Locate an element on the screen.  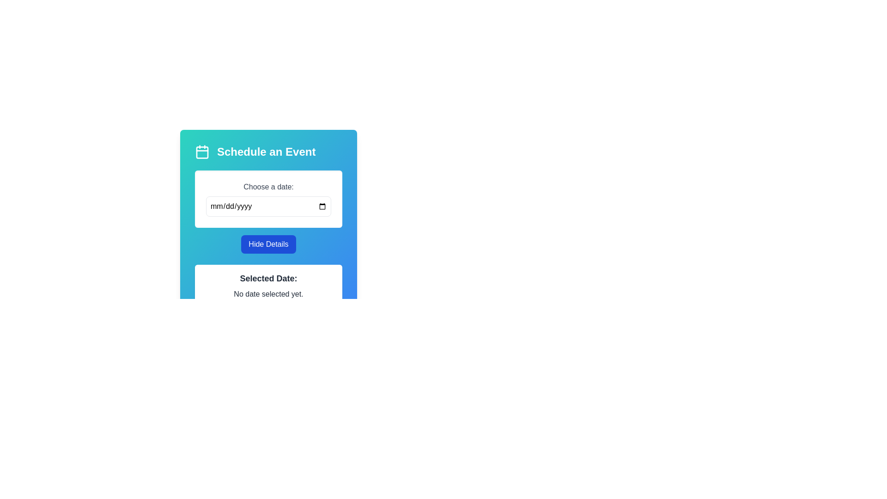
the header labeled 'Schedule an Event' with a gradient background at the top of the form is located at coordinates (268, 151).